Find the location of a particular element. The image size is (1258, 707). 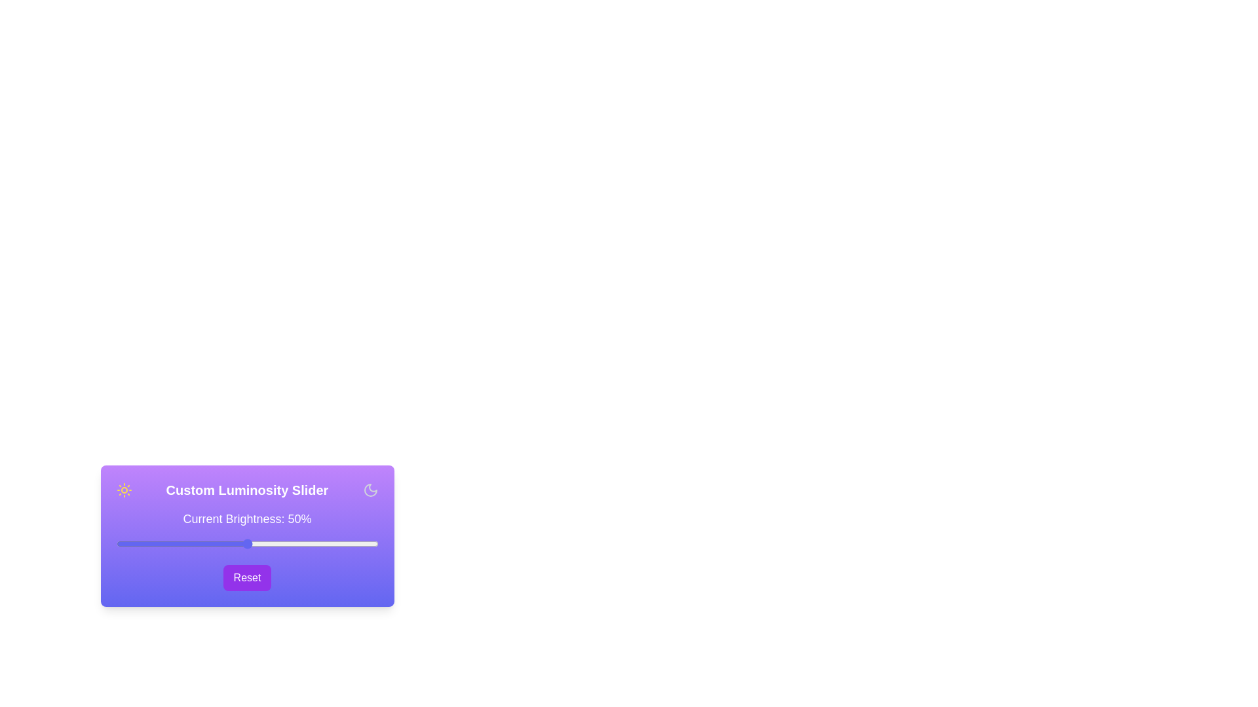

brightness is located at coordinates (283, 543).